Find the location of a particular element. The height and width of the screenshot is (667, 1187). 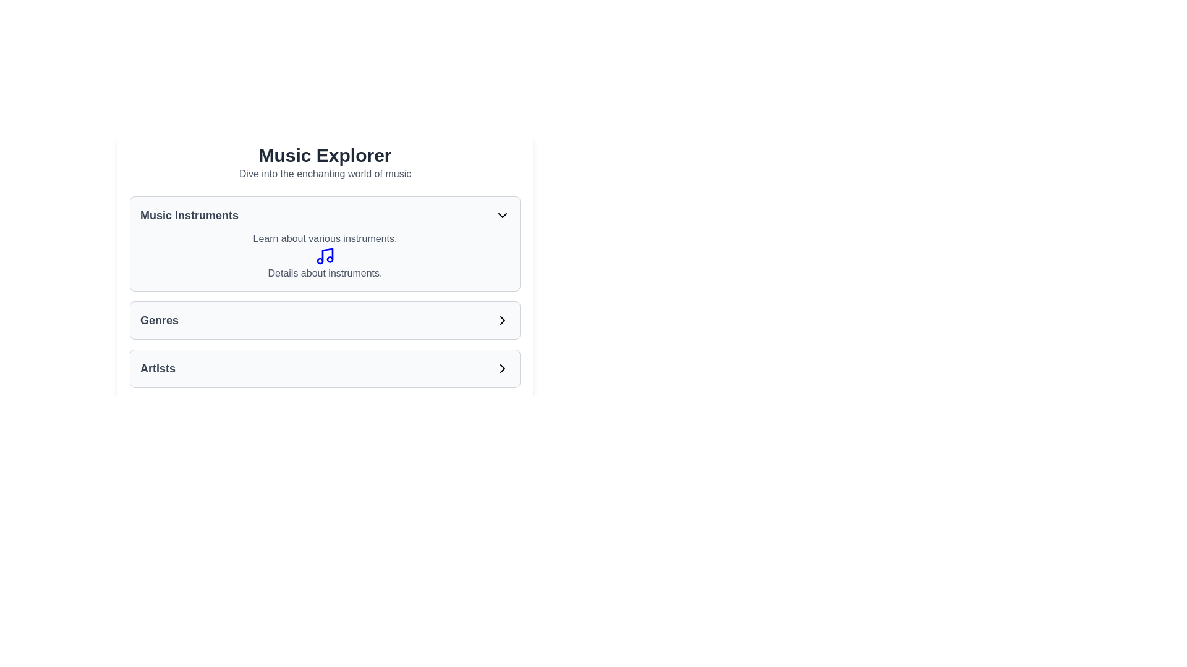

text content 'Artists' from the Text Label positioned at the bottom of the overview section under the 'Genres' category is located at coordinates (157, 368).